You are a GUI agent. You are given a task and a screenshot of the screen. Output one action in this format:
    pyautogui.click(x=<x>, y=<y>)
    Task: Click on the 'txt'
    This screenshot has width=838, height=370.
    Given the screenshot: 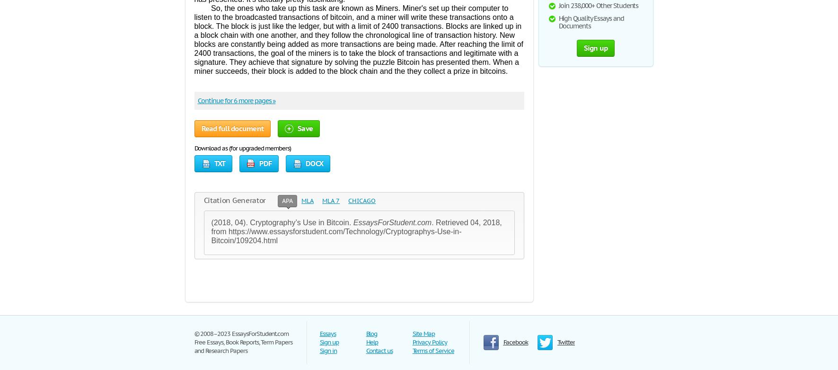 What is the action you would take?
    pyautogui.click(x=213, y=163)
    